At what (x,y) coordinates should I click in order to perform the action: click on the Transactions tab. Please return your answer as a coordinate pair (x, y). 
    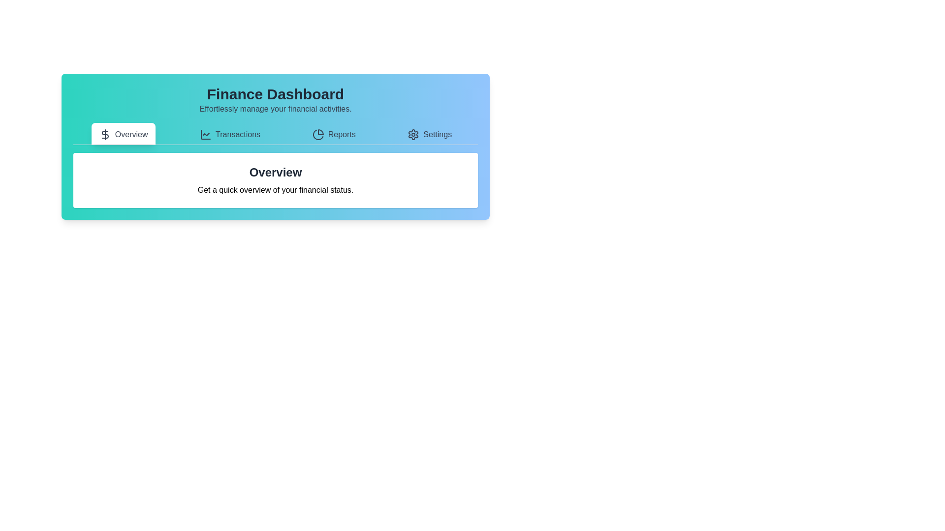
    Looking at the image, I should click on (229, 134).